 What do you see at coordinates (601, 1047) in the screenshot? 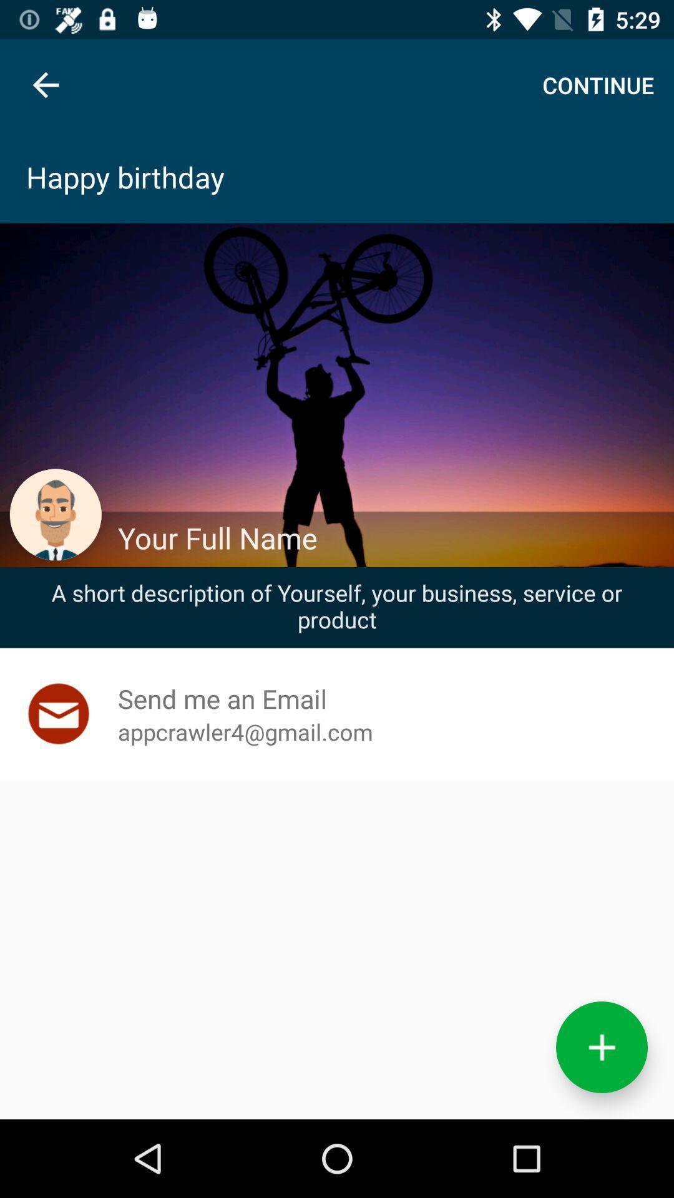
I see `the add icon` at bounding box center [601, 1047].